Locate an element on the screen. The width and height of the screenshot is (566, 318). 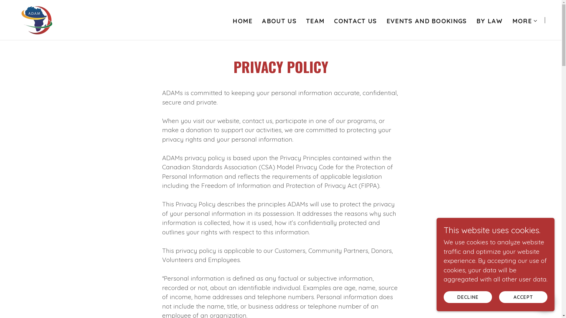
'HOME' is located at coordinates (242, 20).